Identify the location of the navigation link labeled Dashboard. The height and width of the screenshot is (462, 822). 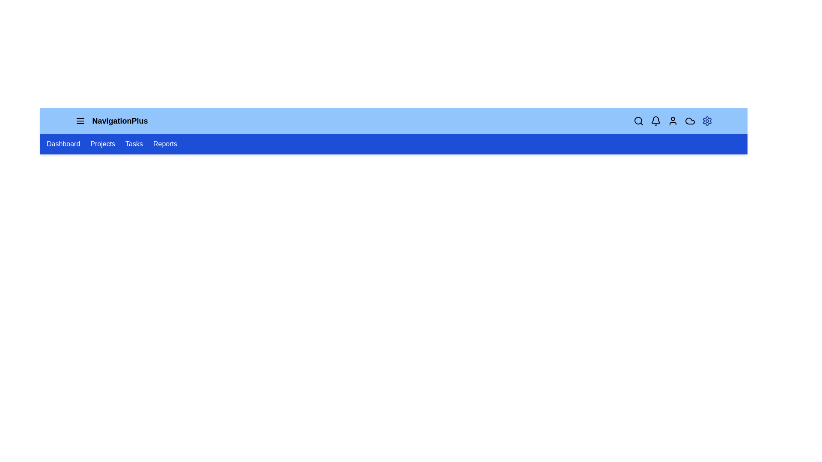
(63, 143).